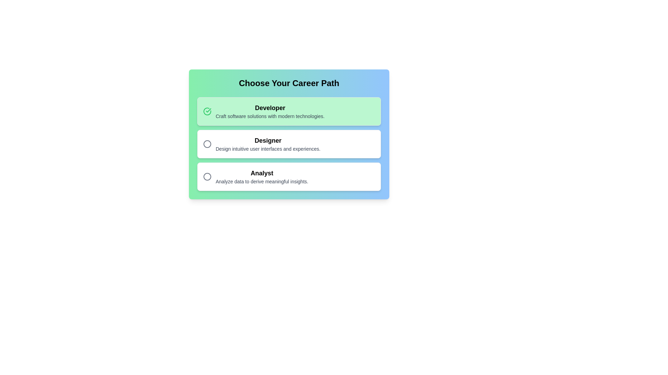  Describe the element at coordinates (270, 108) in the screenshot. I see `the 'Developer' text label, which is prominently displayed in bold font above the supporting text within a green rounded rectangle` at that location.